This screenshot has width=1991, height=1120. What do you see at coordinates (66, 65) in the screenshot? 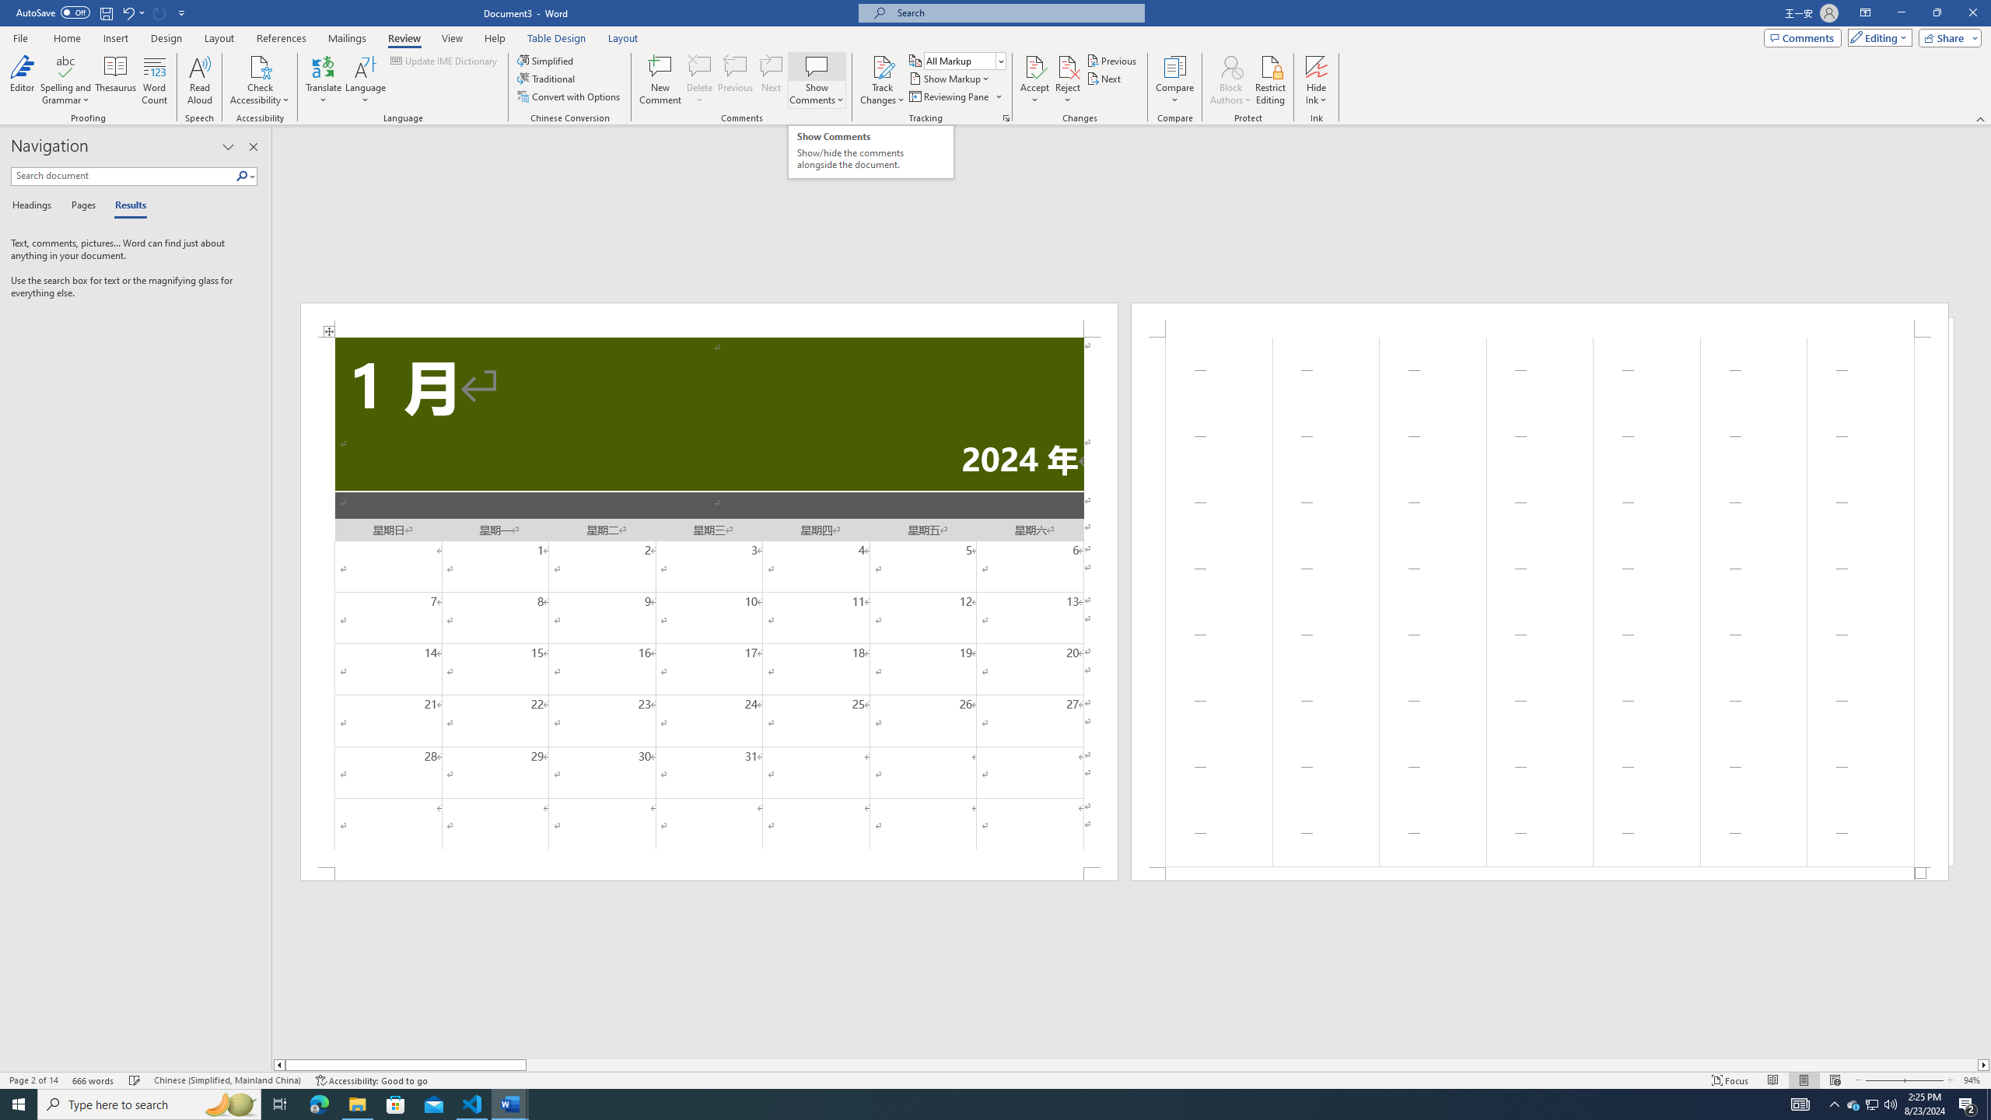
I see `'Spelling and Grammar'` at bounding box center [66, 65].